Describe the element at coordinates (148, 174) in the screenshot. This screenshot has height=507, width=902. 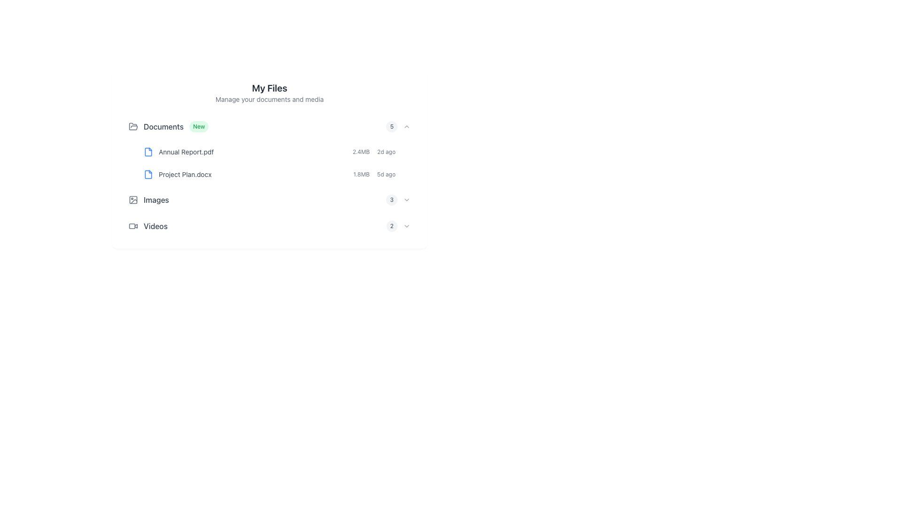
I see `the document icon that visually represents the file 'Project Plan.docx'` at that location.